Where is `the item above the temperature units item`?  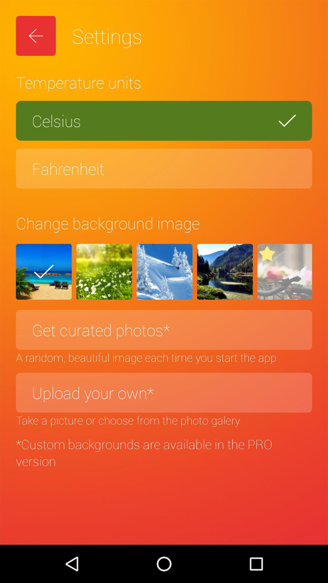 the item above the temperature units item is located at coordinates (36, 36).